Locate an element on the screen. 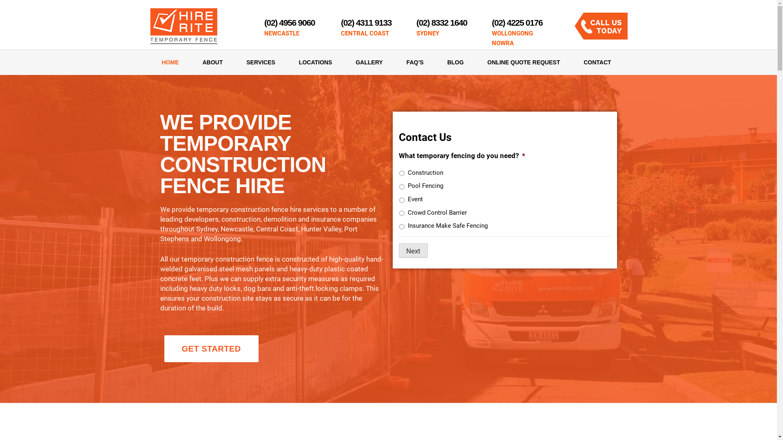 This screenshot has height=440, width=783. '(02) 4956 9060' is located at coordinates (290, 22).